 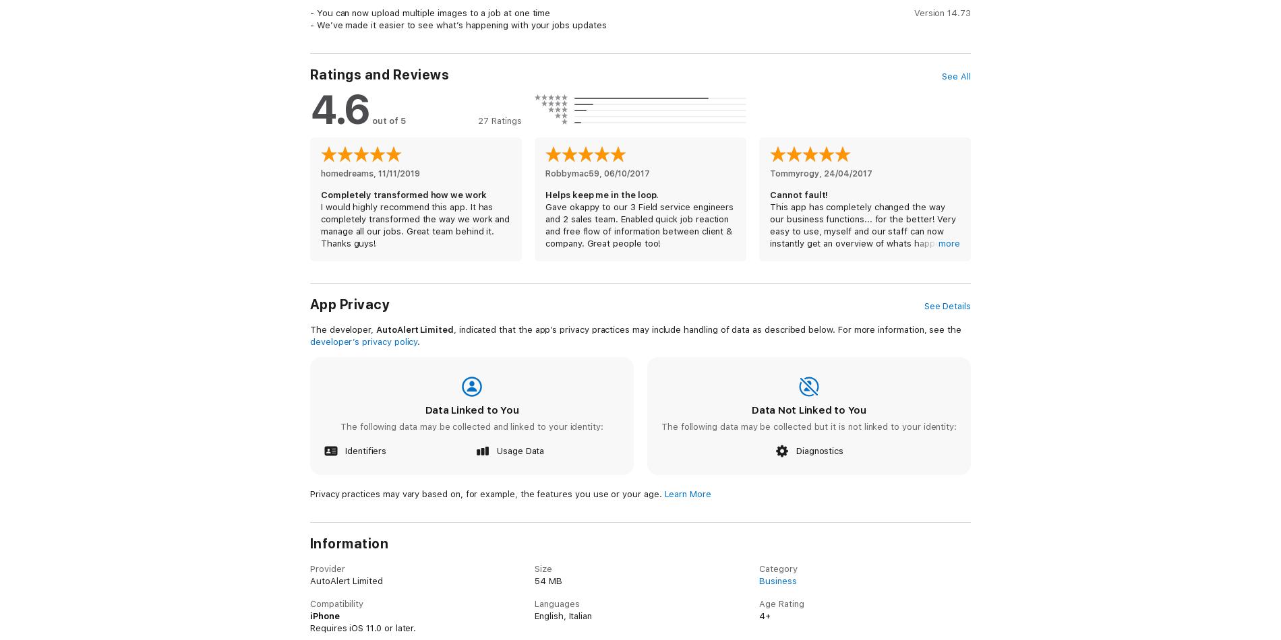 I want to click on 'English, Italian', so click(x=562, y=614).